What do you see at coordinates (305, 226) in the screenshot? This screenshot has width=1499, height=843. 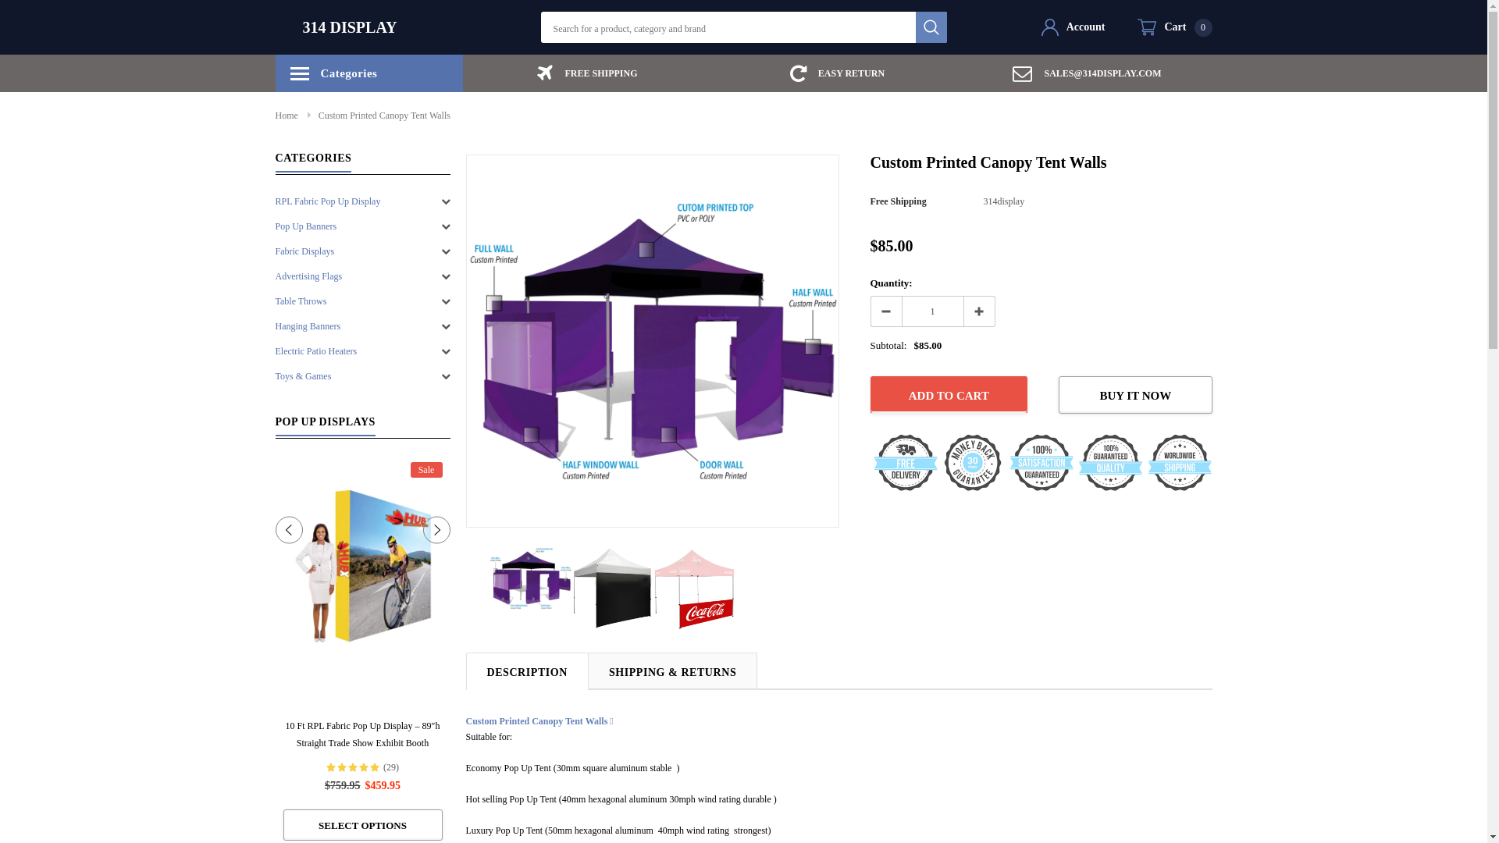 I see `'Pop Up Banners'` at bounding box center [305, 226].